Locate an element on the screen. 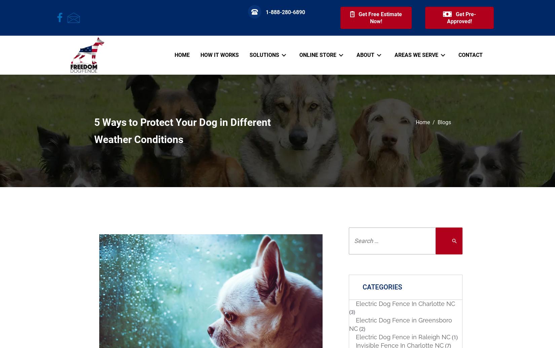 Image resolution: width=555 pixels, height=348 pixels. '(1)' is located at coordinates (454, 337).